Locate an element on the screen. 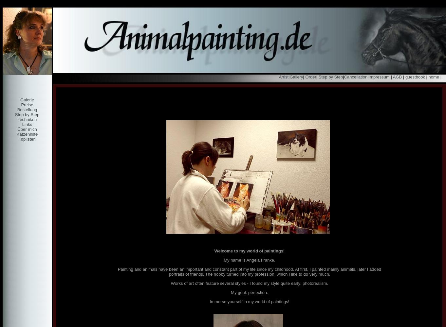 This screenshot has height=327, width=446. 'Order' is located at coordinates (309, 77).